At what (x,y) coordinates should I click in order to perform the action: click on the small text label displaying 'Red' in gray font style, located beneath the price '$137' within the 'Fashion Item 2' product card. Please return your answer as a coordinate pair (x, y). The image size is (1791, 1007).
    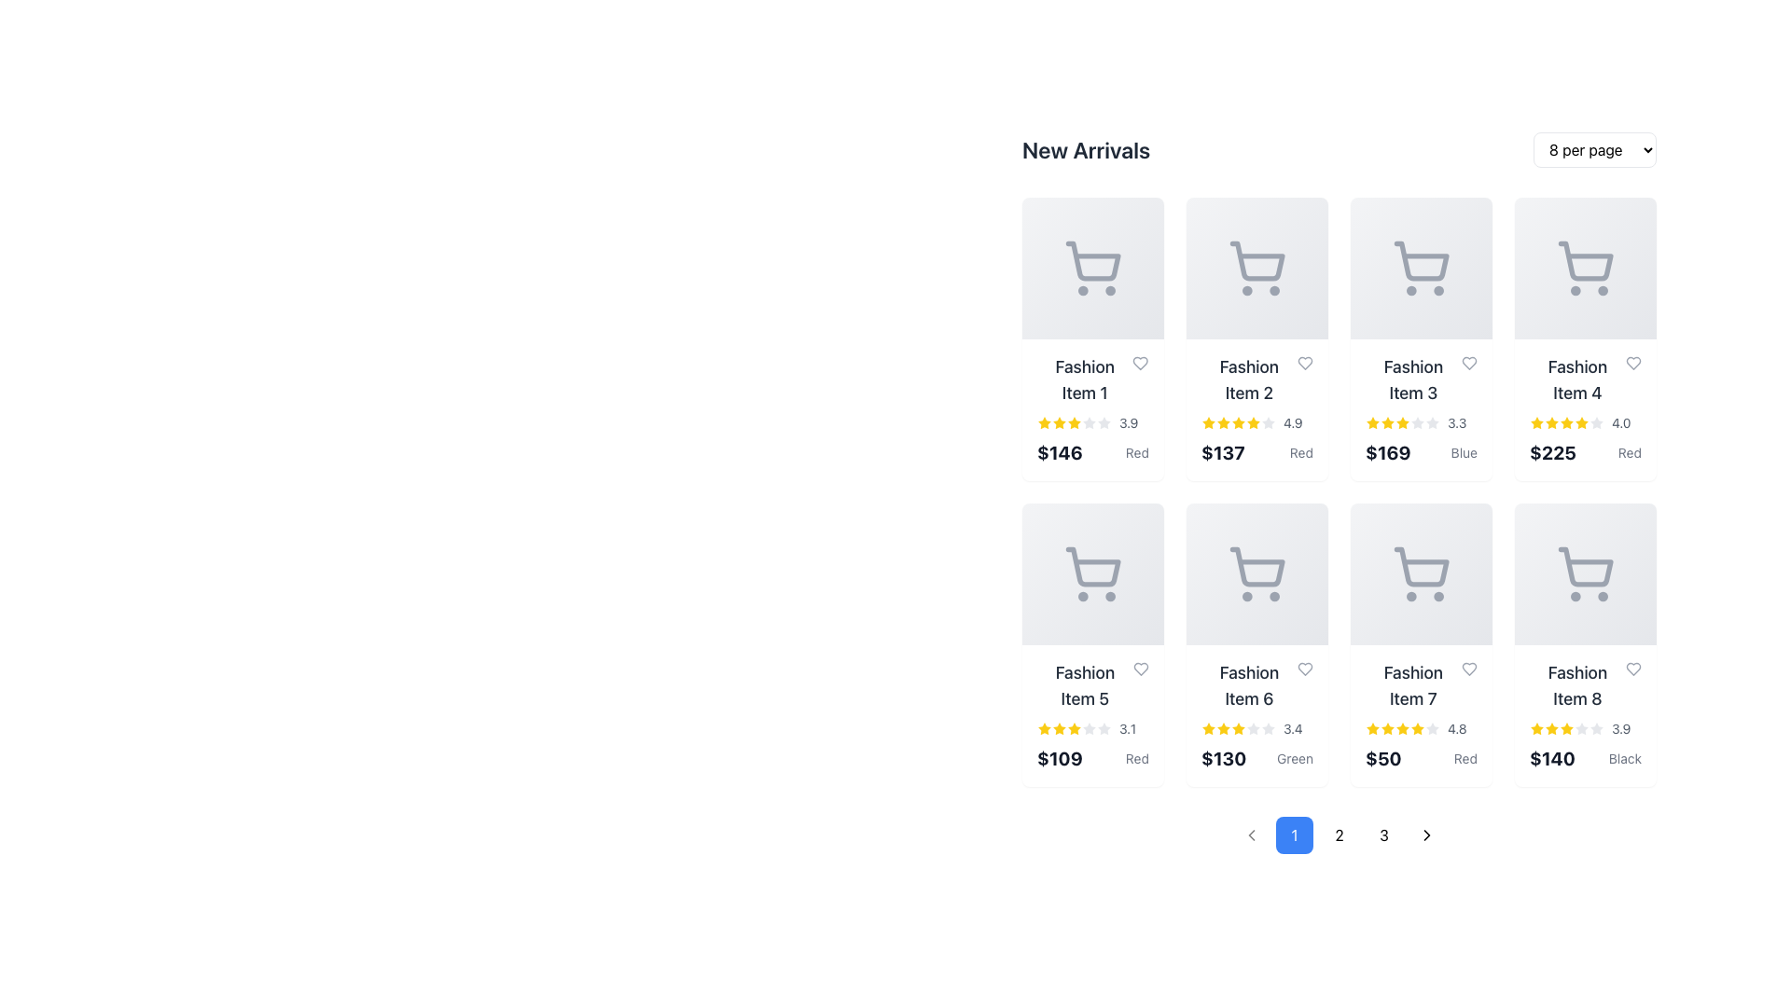
    Looking at the image, I should click on (1300, 453).